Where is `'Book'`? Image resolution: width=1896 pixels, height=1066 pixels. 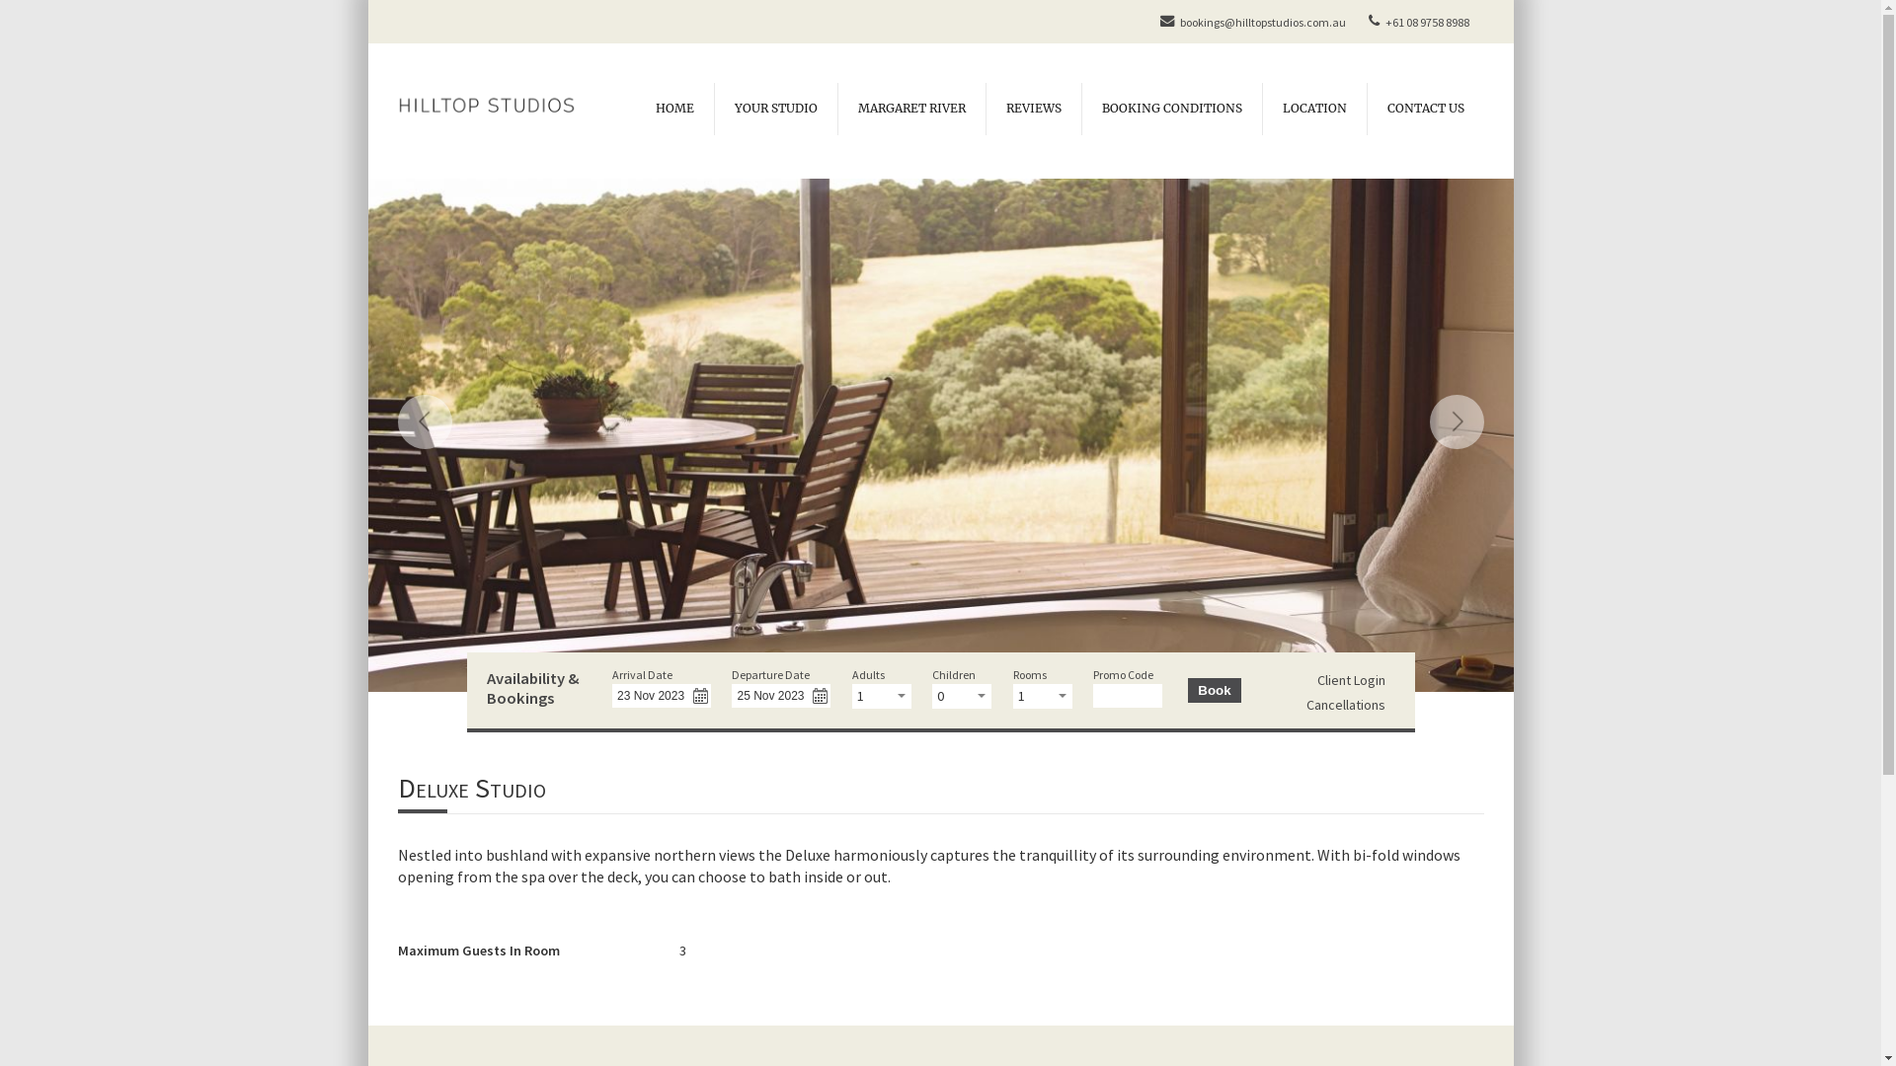 'Book' is located at coordinates (1213, 689).